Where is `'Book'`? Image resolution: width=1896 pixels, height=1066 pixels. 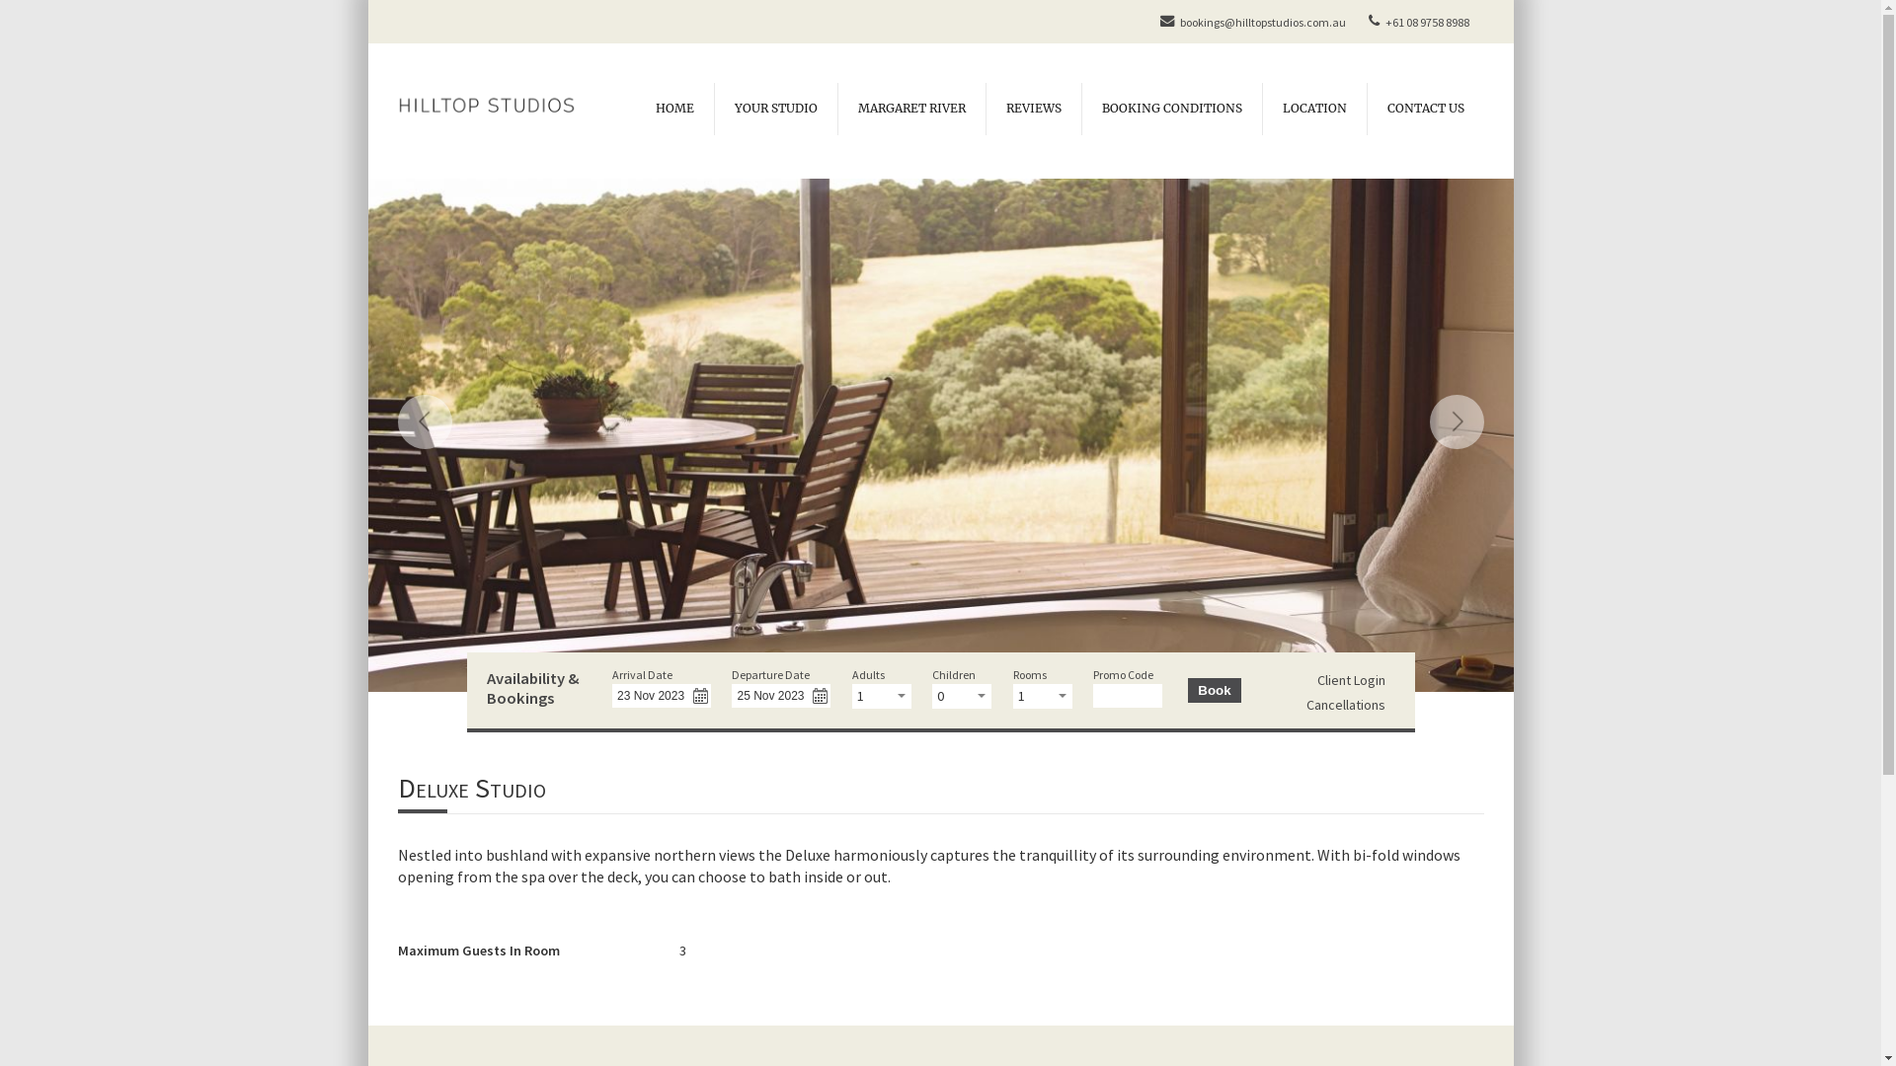 'Book' is located at coordinates (1213, 689).